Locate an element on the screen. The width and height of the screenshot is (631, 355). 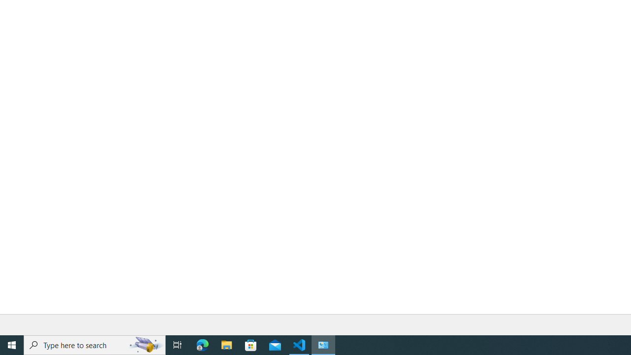
'Type here to search' is located at coordinates (95, 344).